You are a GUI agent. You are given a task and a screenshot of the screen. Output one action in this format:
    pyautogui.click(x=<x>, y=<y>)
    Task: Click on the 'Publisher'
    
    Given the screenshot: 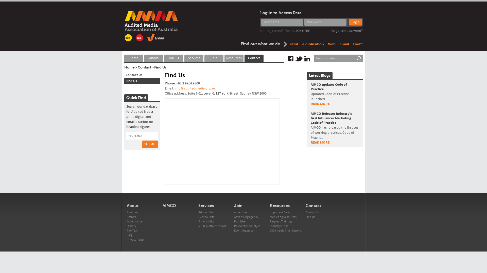 What is the action you would take?
    pyautogui.click(x=240, y=221)
    